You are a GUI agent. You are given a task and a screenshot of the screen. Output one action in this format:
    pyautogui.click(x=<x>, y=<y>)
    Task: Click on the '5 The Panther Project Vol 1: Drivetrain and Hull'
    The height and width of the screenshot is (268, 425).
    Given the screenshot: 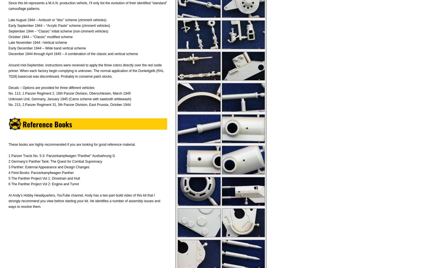 What is the action you would take?
    pyautogui.click(x=44, y=178)
    